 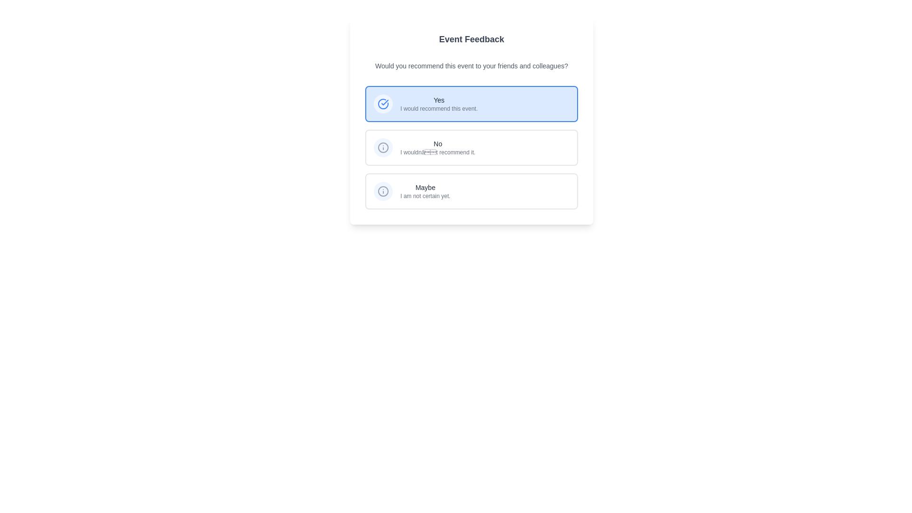 What do you see at coordinates (425, 187) in the screenshot?
I see `the 'Maybe' label which displays a small gray text styled with medium font weight as part of the feedback options` at bounding box center [425, 187].